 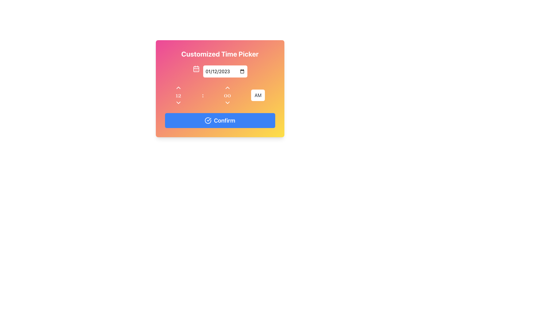 I want to click on the Time Picker element displaying '12:00AM' to adjust the time, so click(x=220, y=95).